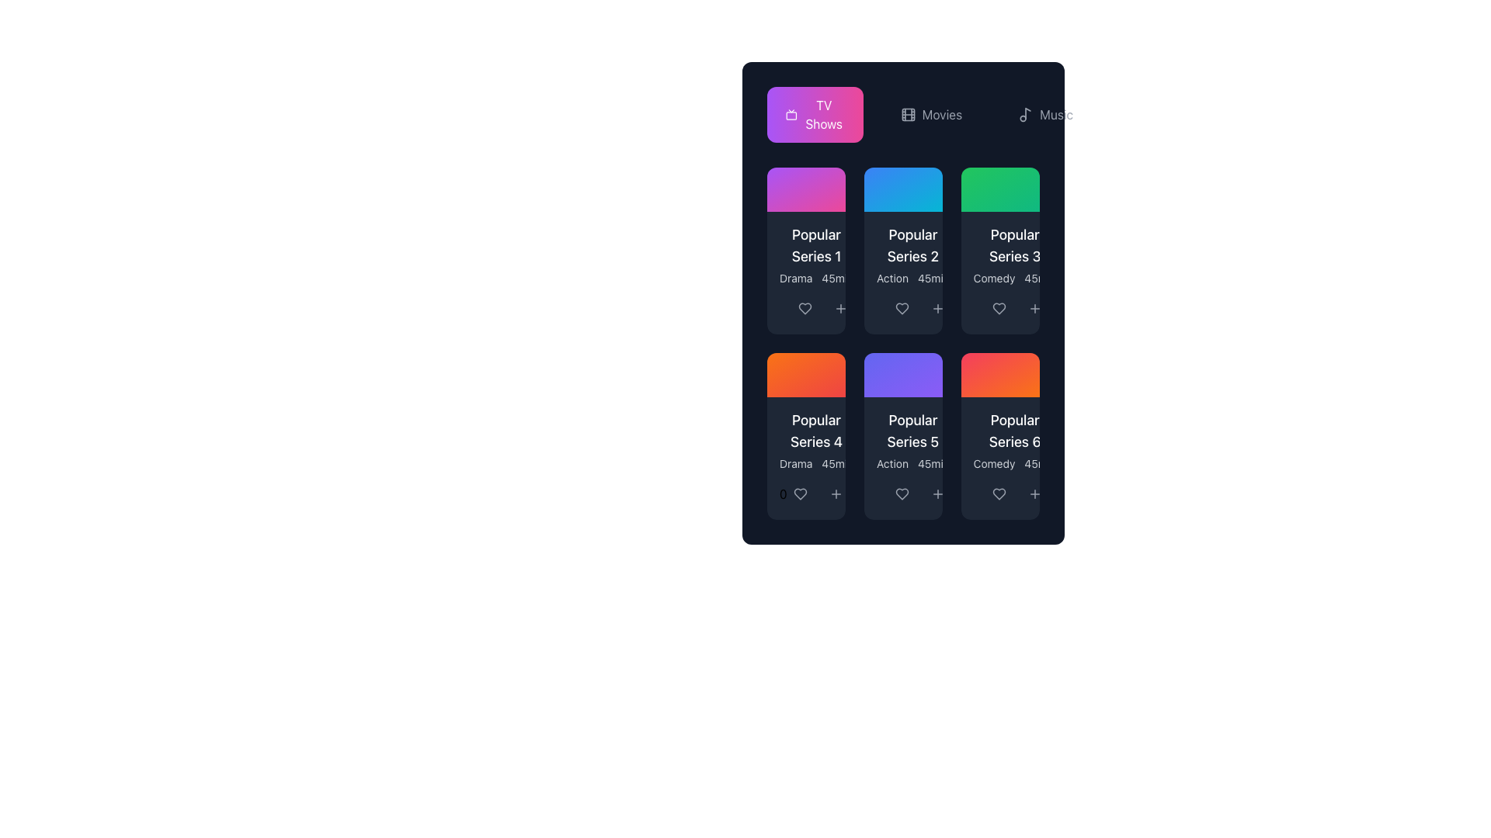 Image resolution: width=1491 pixels, height=838 pixels. I want to click on the stylized decorative region that serves as a visual banner for the 'Popular Series 6' card, located in the third row and last column of the grid, so click(1000, 375).